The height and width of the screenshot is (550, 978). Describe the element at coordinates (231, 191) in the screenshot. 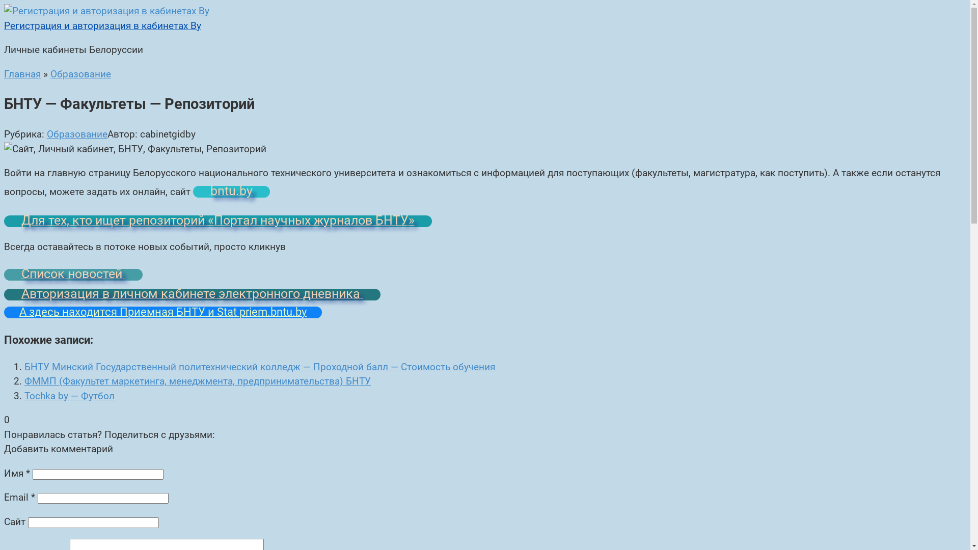

I see `'bntu.by'` at that location.